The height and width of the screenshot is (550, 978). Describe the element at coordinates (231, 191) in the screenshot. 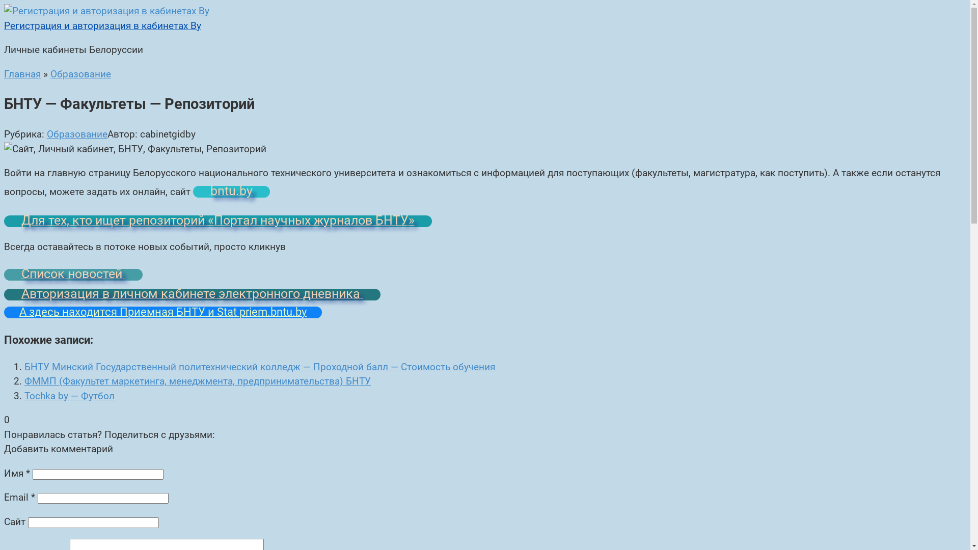

I see `'bntu.by'` at that location.